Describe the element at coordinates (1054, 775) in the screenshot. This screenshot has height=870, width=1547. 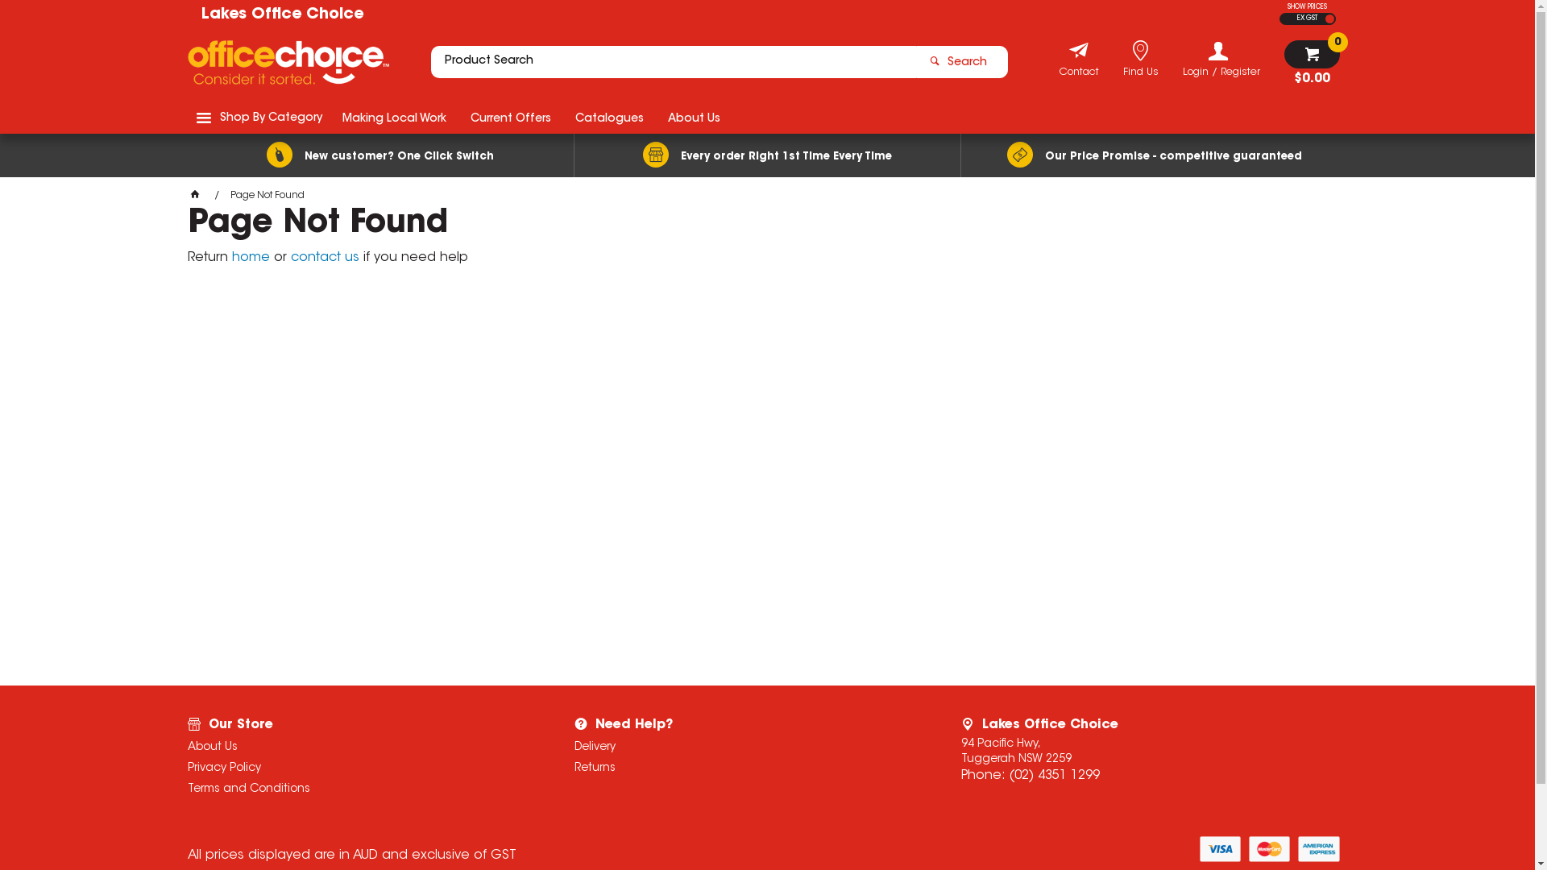
I see `'(02) 4351 1299'` at that location.